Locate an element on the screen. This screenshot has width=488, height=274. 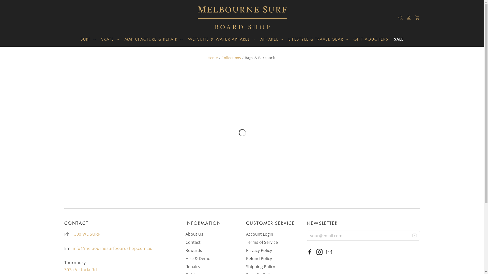
'Terms of Service' is located at coordinates (262, 242).